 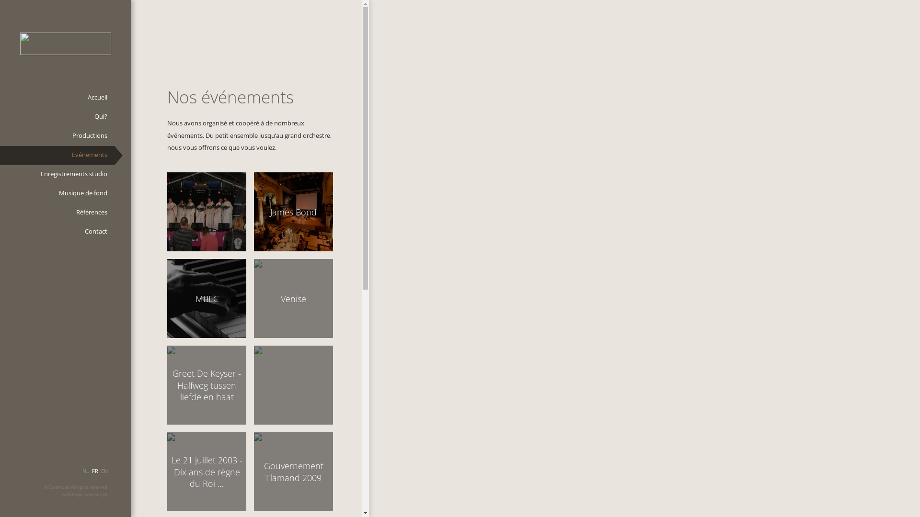 What do you see at coordinates (84, 495) in the screenshot?
I see `'webdesign weblounge'` at bounding box center [84, 495].